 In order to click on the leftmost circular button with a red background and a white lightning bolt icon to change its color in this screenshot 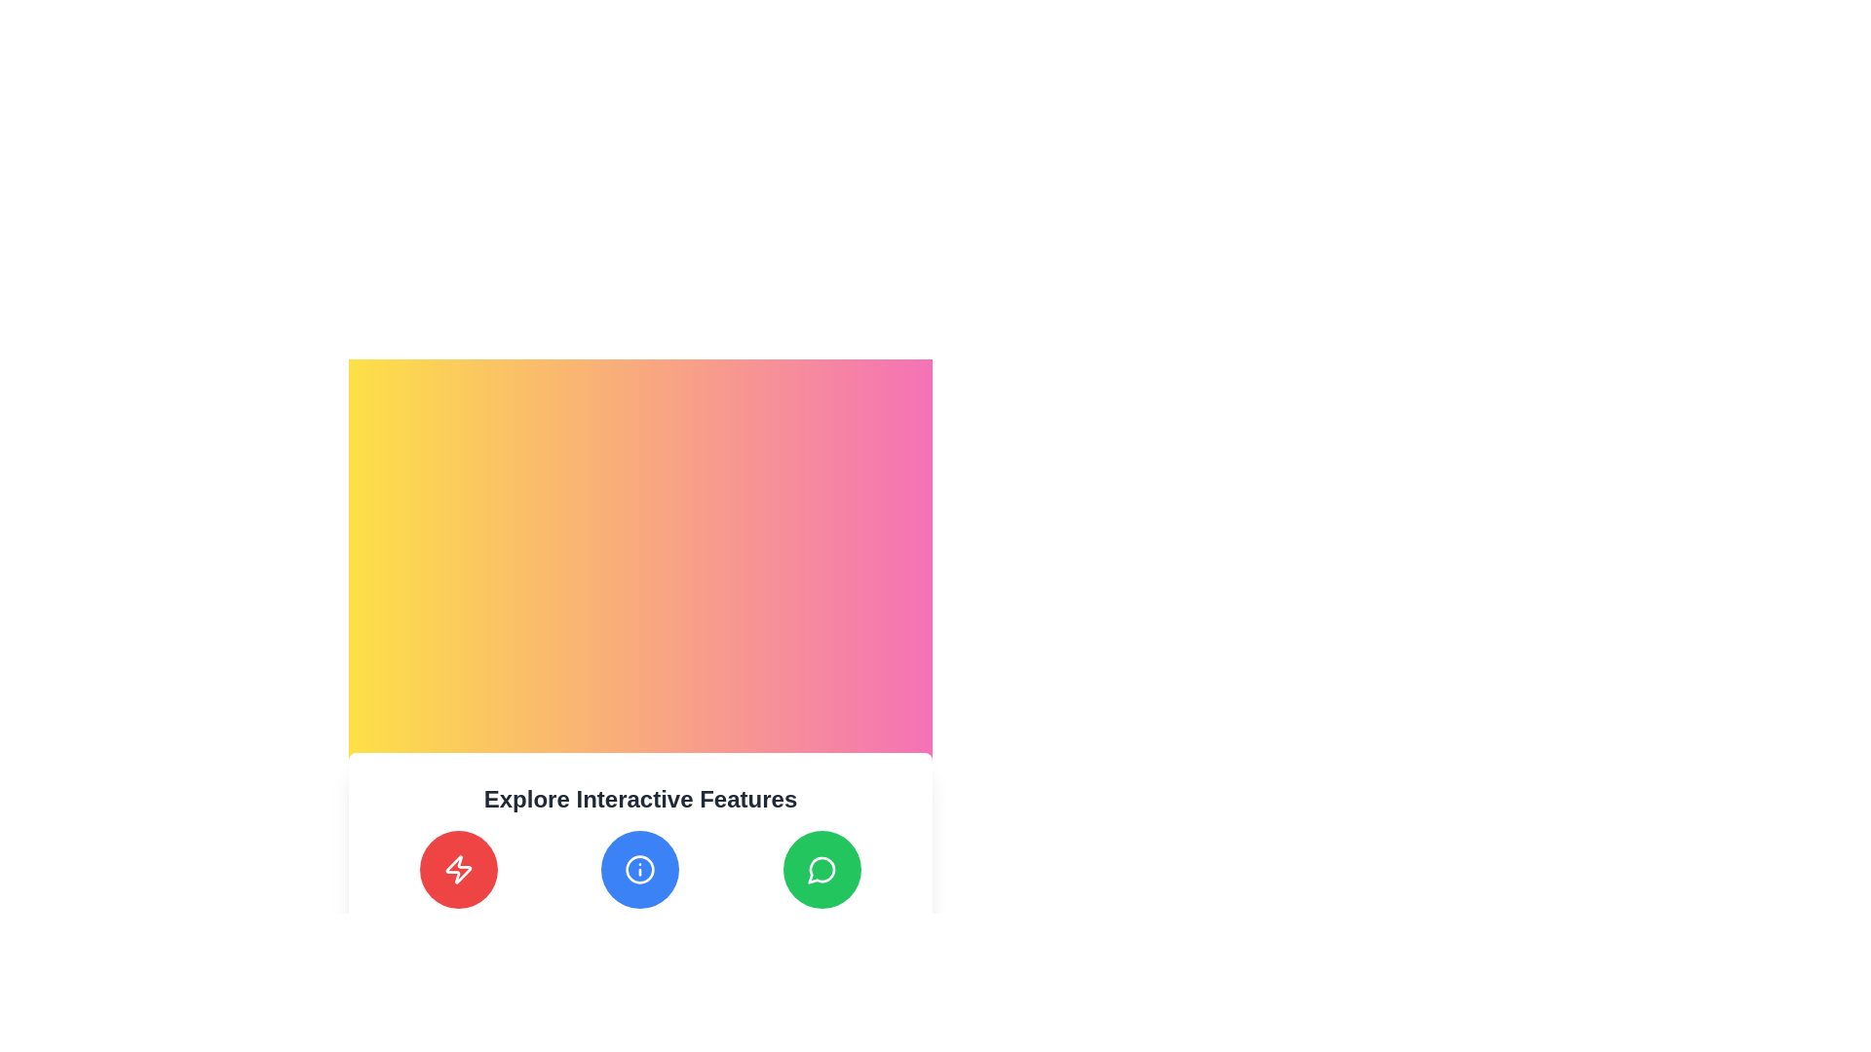, I will do `click(458, 869)`.